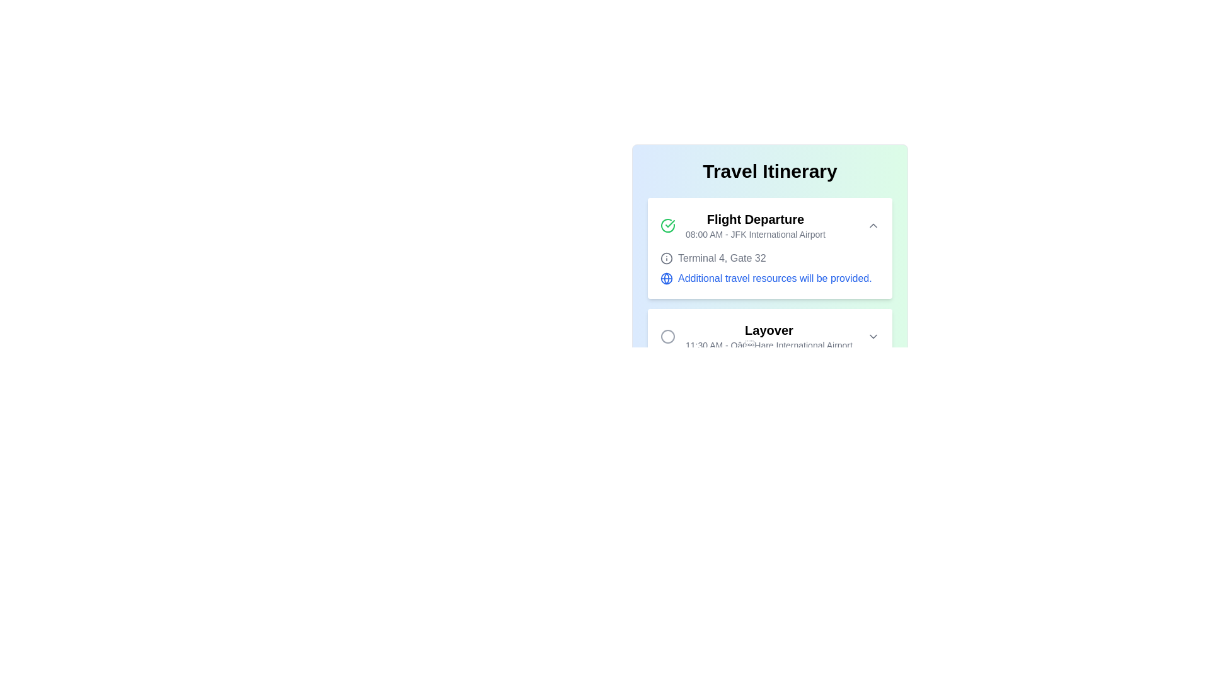 This screenshot has width=1210, height=681. I want to click on the circular informational icon containing an 'i', so click(665, 257).